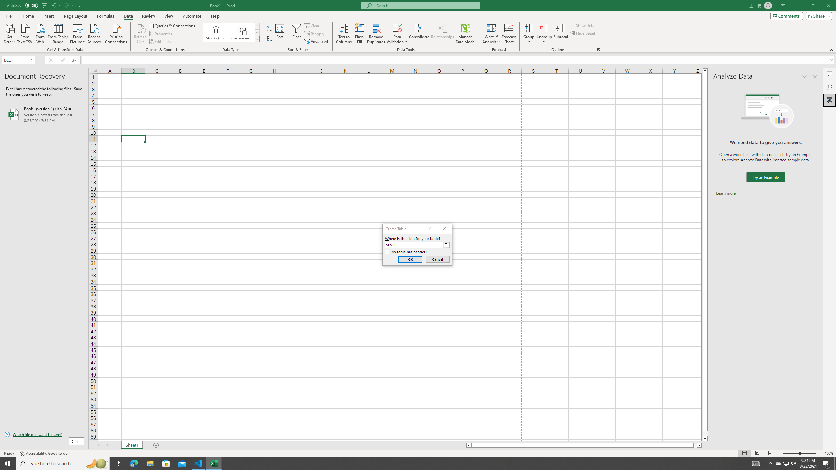  I want to click on 'Zoom Out', so click(791, 453).